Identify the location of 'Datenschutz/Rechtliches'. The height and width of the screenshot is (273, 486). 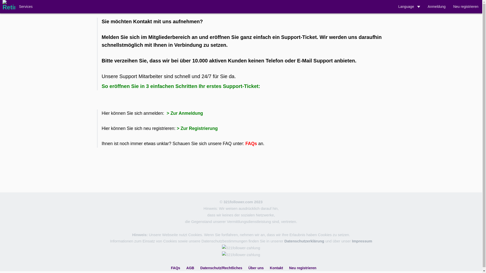
(221, 268).